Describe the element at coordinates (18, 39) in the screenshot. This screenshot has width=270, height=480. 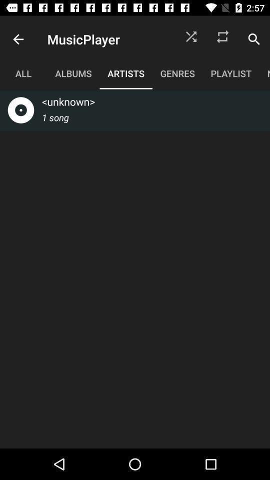
I see `the icon to the left of musicplayer item` at that location.